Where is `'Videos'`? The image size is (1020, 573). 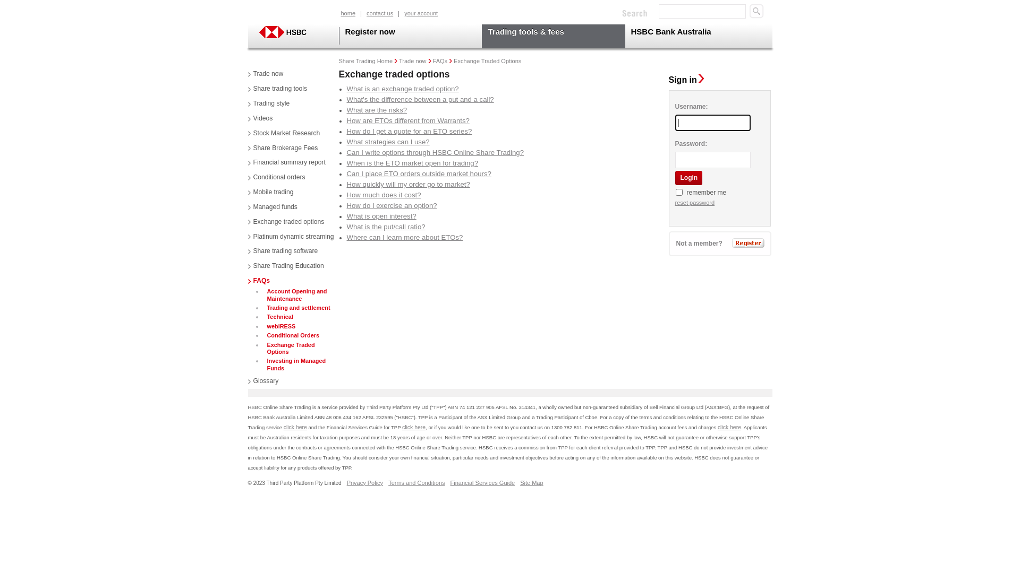
'Videos' is located at coordinates (260, 118).